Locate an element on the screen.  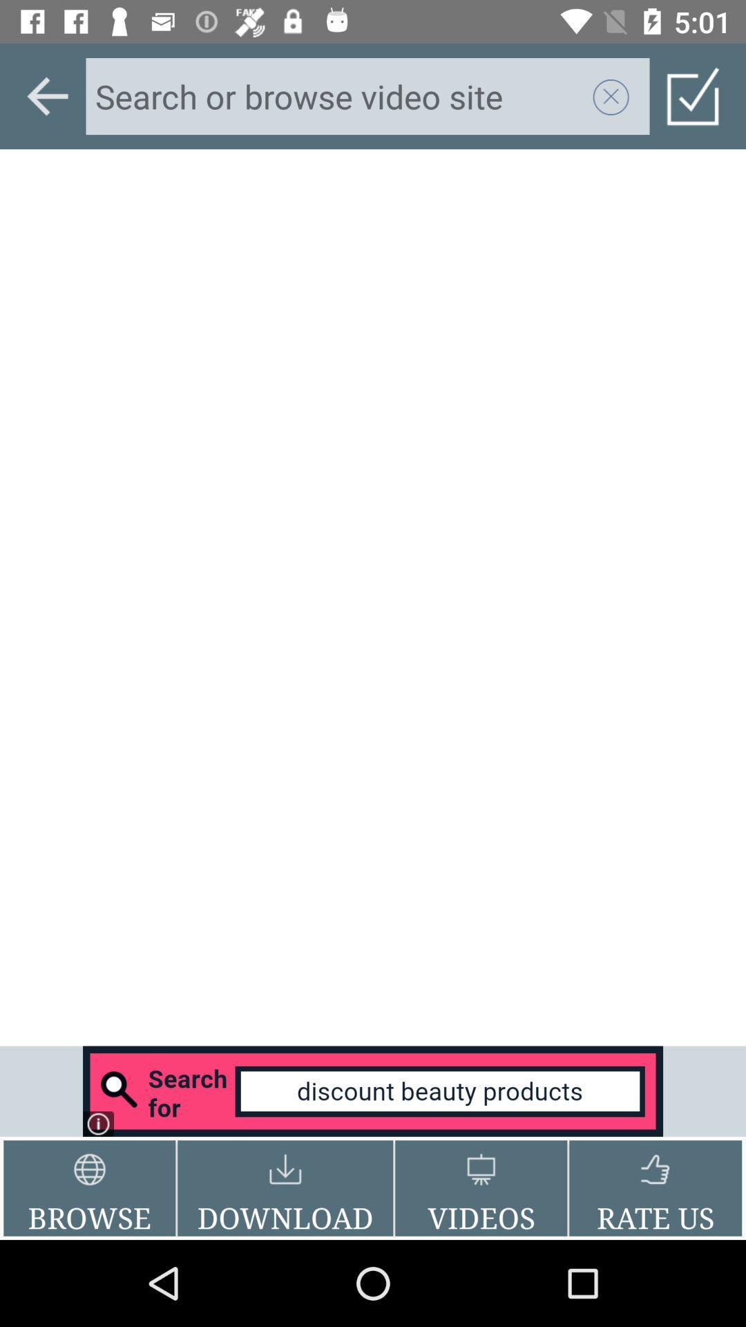
go back is located at coordinates (47, 95).